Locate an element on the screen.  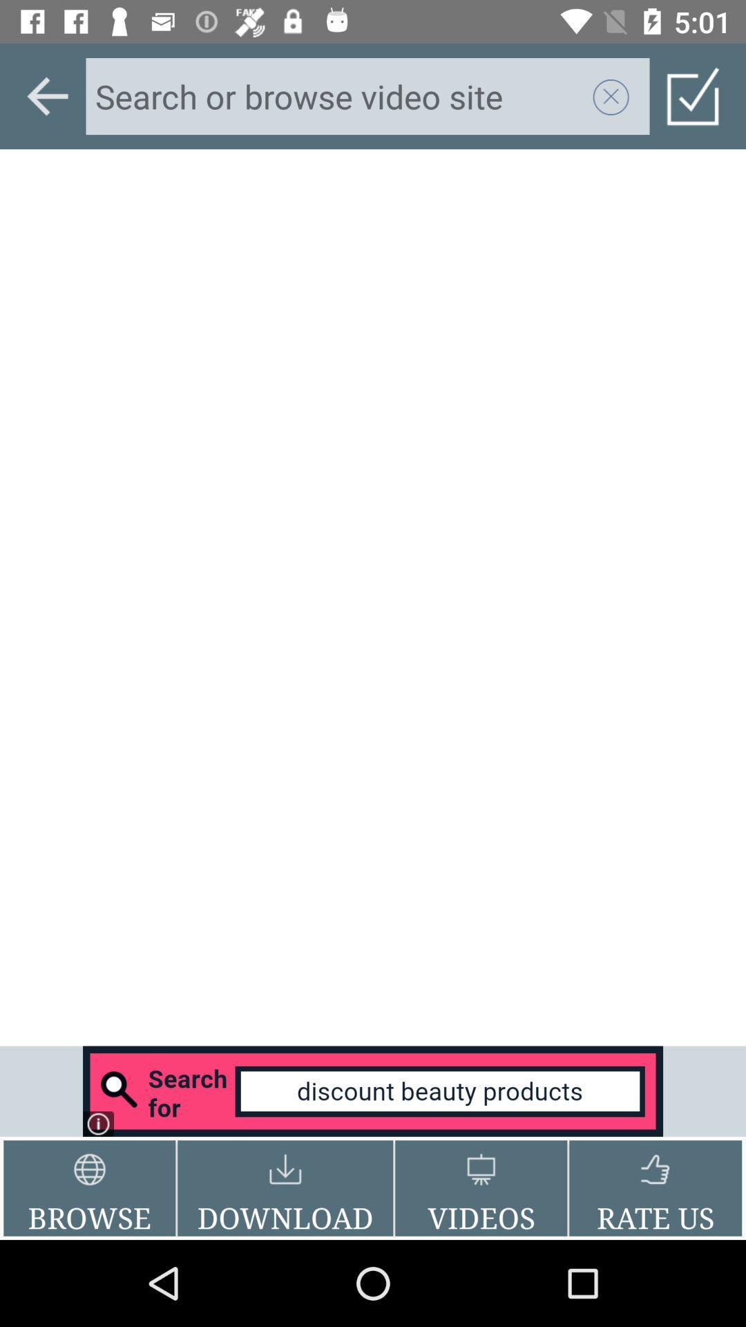
go back is located at coordinates (47, 95).